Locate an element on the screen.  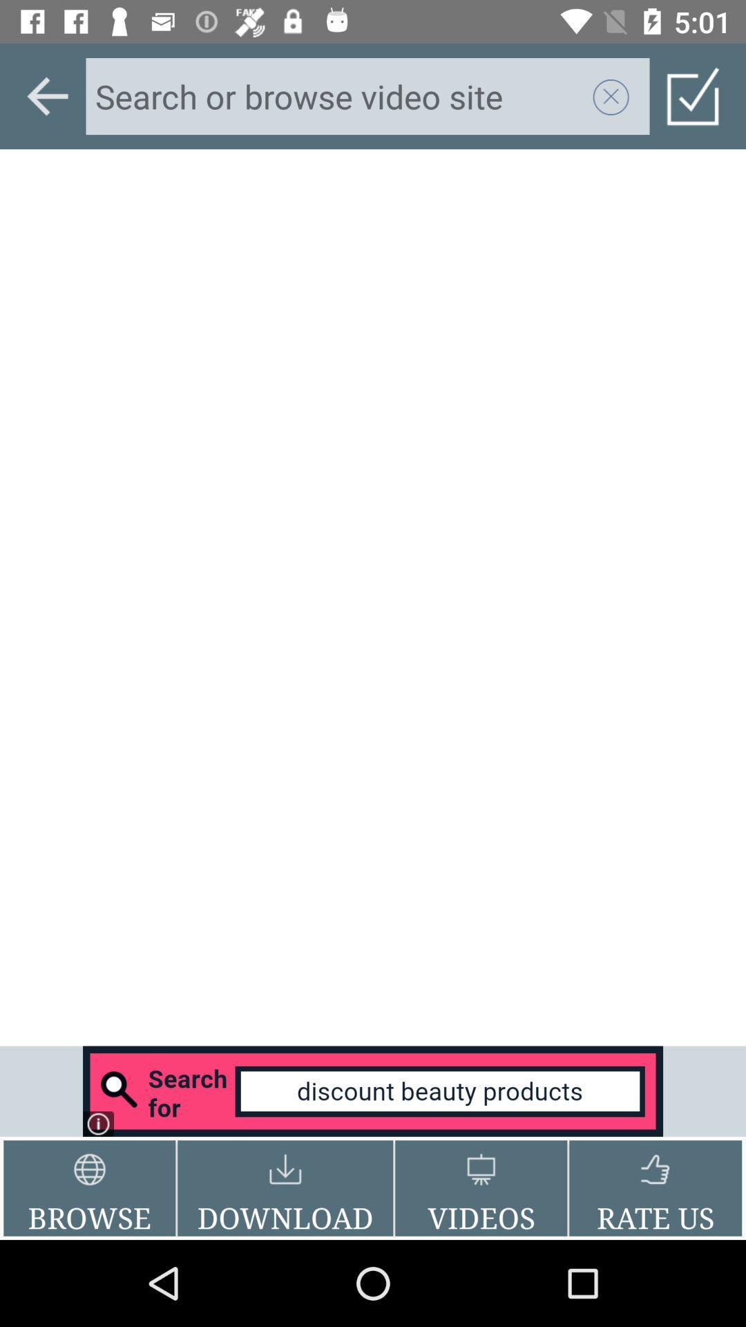
go back is located at coordinates (47, 95).